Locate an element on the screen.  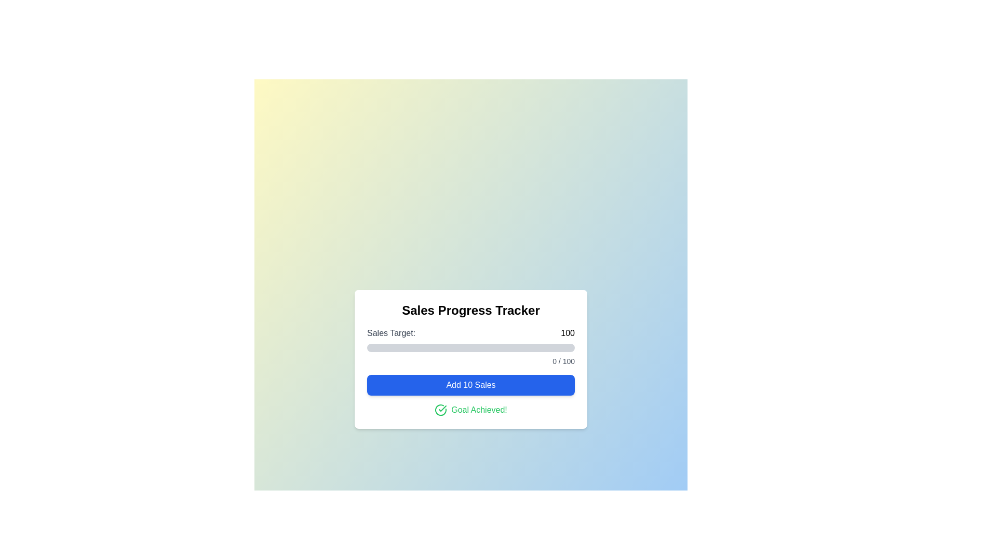
the checkmark icon in a darker green color, which indicates confirmation or success, positioned below the 'Add 10 Sales' button and aligned to the left of the 'Goal Achieved!' text is located at coordinates (442, 408).